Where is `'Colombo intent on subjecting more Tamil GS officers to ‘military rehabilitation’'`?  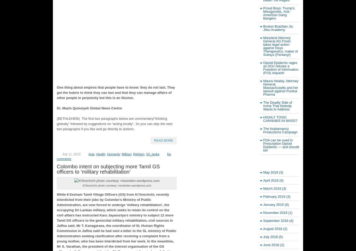
'Colombo intent on subjecting more Tamil GS officers to ‘military rehabilitation’' is located at coordinates (108, 169).